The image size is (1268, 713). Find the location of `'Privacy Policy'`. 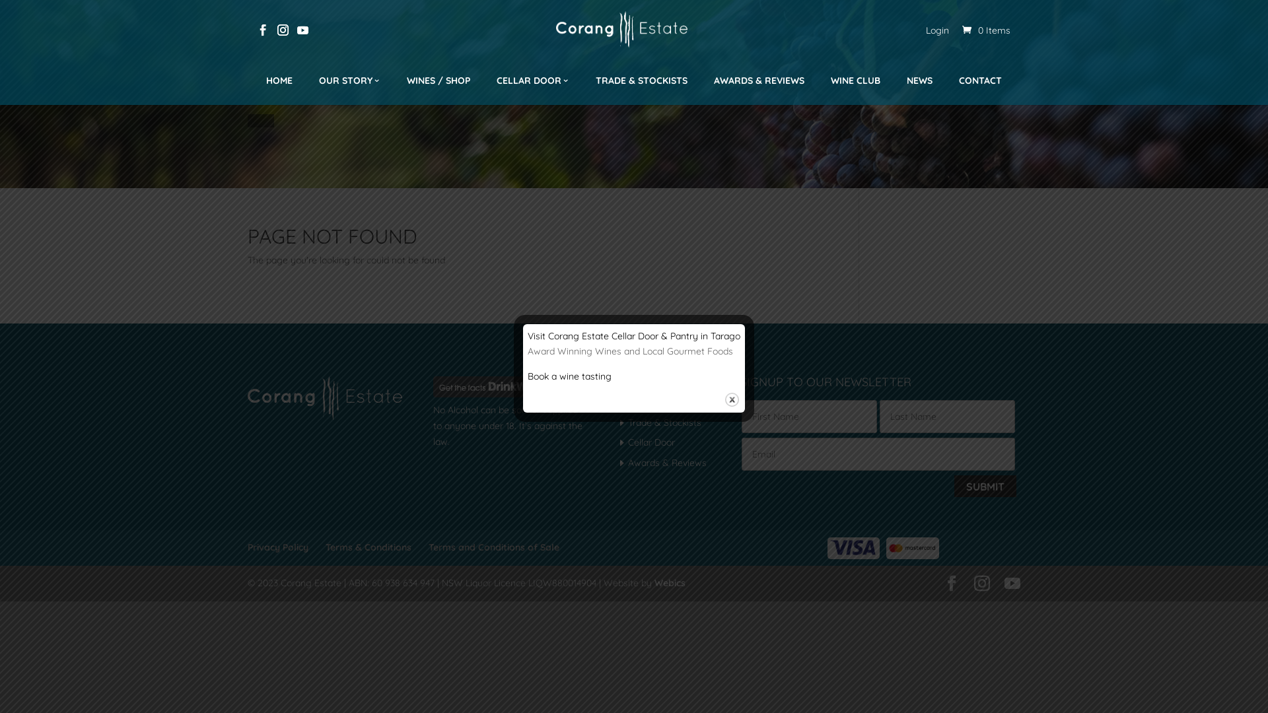

'Privacy Policy' is located at coordinates (247, 547).